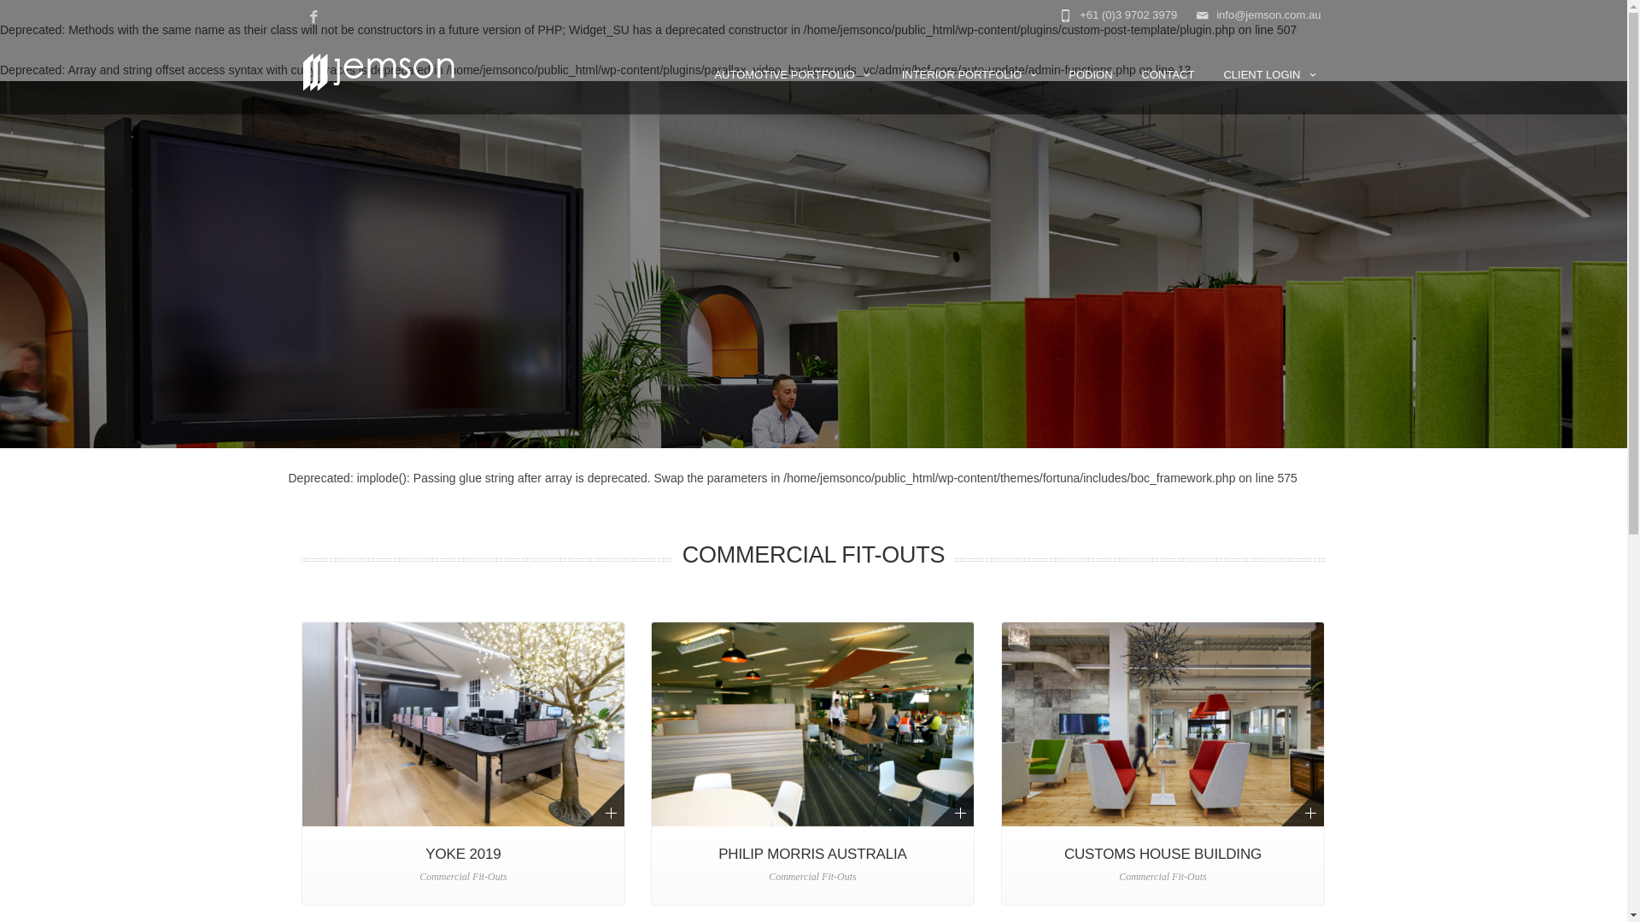 The width and height of the screenshot is (1640, 922). What do you see at coordinates (811, 724) in the screenshot?
I see `'Philip Morris International Fitout'` at bounding box center [811, 724].